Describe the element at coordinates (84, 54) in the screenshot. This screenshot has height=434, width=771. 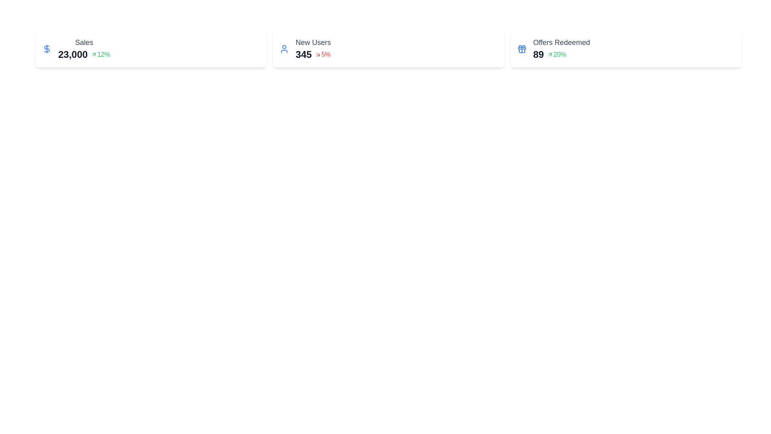
I see `sales value '23,000' and percentage increase '12%' from the composite text component located within the 'Sales' card, which is positioned beneath the label text and is the leftmost card of three horizontally displayed cards` at that location.